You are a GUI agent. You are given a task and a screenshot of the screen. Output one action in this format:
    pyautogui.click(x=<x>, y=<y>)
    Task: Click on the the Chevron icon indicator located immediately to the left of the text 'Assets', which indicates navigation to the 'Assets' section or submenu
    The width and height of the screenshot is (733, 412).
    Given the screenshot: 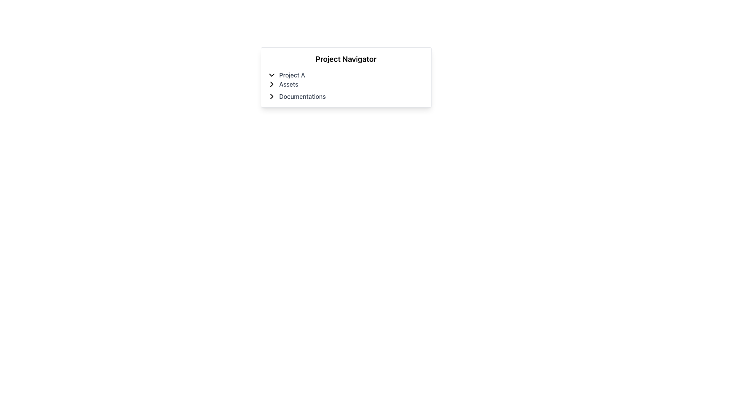 What is the action you would take?
    pyautogui.click(x=271, y=84)
    